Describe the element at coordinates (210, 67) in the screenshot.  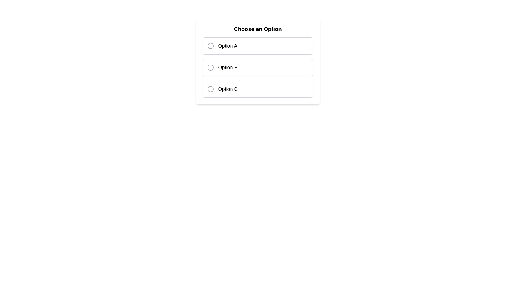
I see `the radio button for 'Option B'` at that location.